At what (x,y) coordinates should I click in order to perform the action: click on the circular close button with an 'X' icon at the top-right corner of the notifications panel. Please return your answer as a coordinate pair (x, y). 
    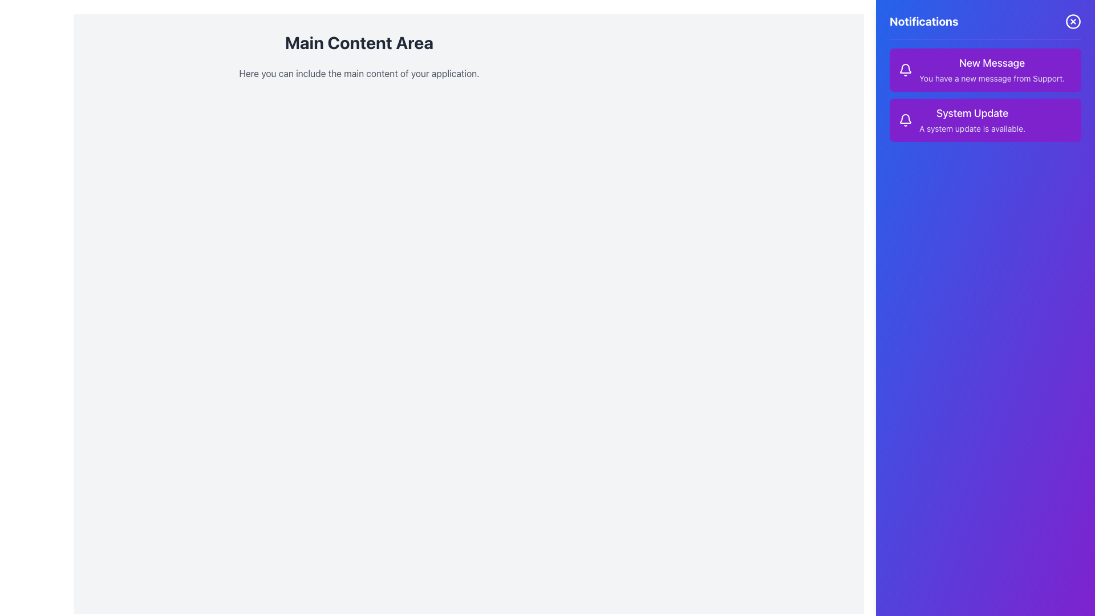
    Looking at the image, I should click on (1072, 22).